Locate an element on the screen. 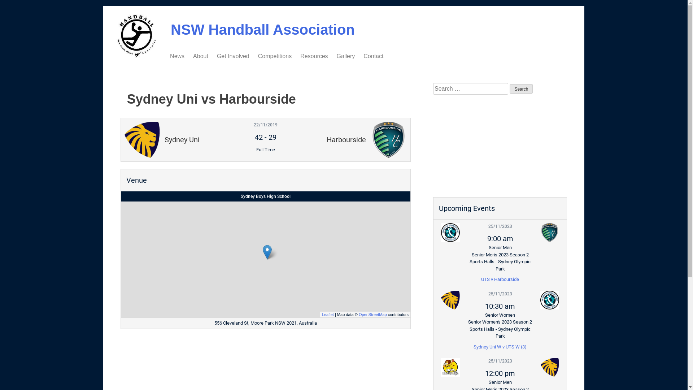 The width and height of the screenshot is (693, 390). 'Contact' is located at coordinates (363, 56).